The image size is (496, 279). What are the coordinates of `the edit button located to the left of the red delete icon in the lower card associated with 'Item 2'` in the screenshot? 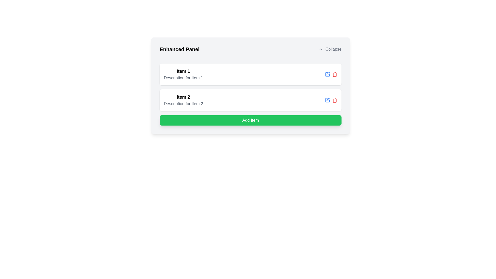 It's located at (327, 100).